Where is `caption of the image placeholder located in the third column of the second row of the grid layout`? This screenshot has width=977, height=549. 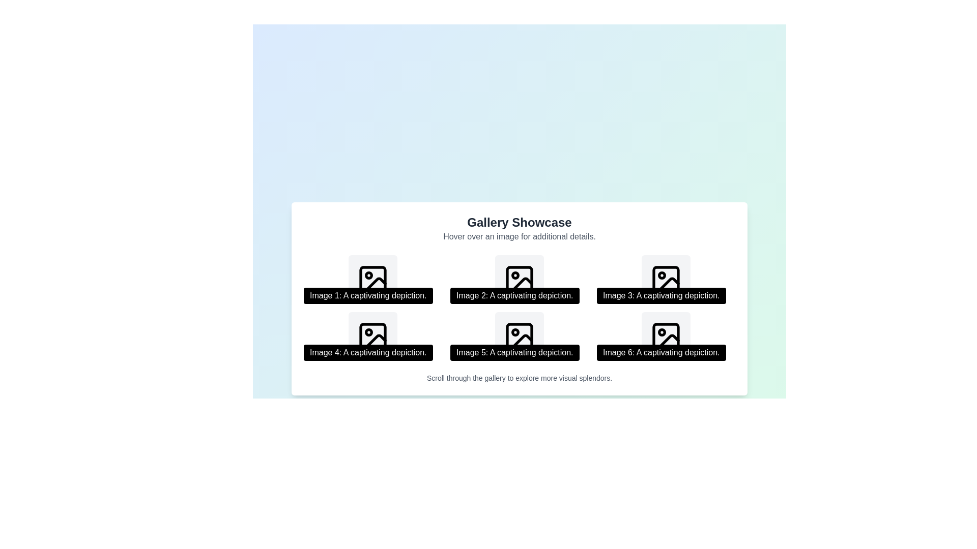 caption of the image placeholder located in the third column of the second row of the grid layout is located at coordinates (666, 337).